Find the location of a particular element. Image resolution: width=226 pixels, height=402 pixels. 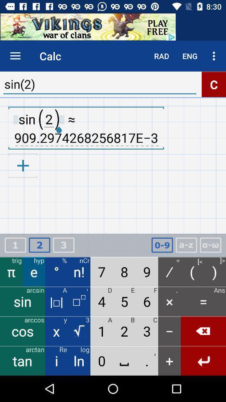

button a-z is located at coordinates (186, 245).